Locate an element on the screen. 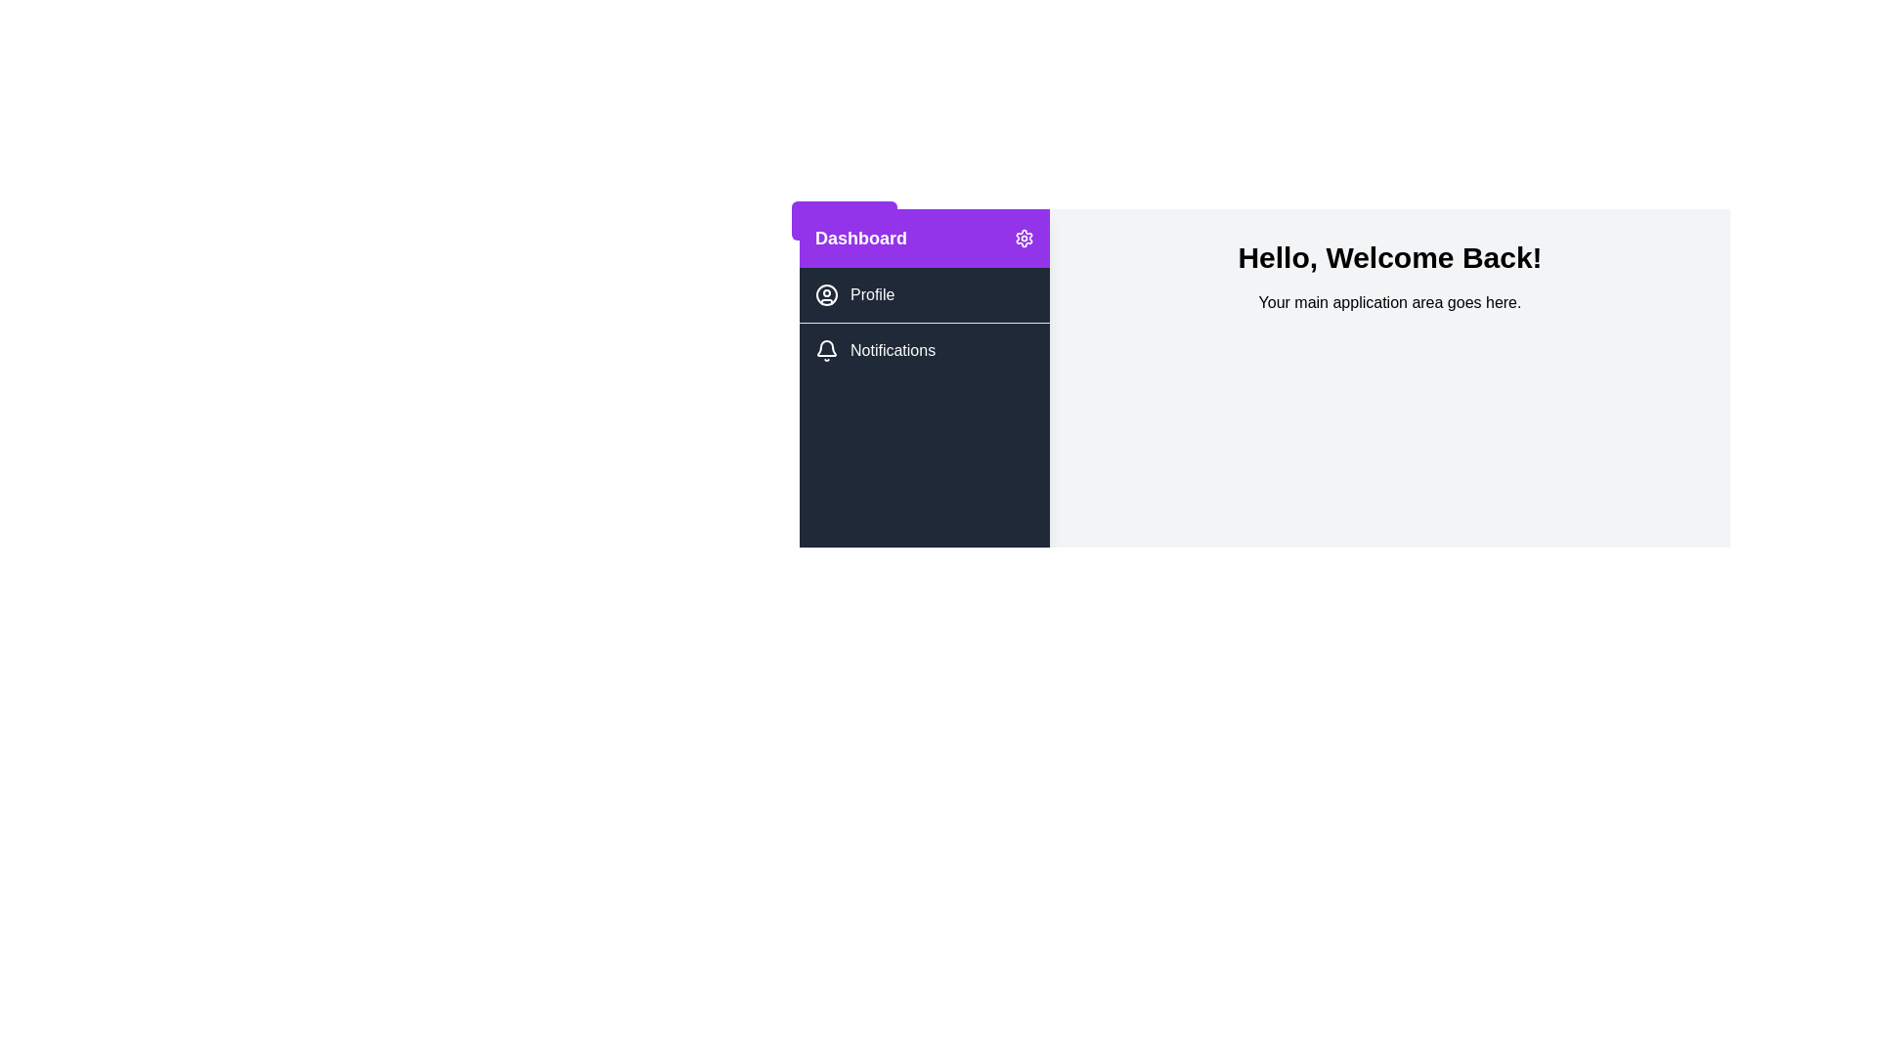 The image size is (1877, 1056). the static text label for the notifications menu located in the left navigation panel under the 'Profile' menu item, which is directly to the right of the bell icon is located at coordinates (892, 349).